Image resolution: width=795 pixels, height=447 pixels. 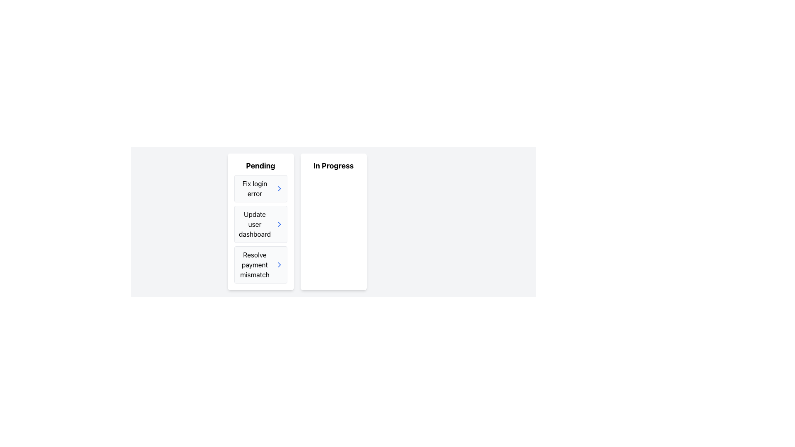 What do you see at coordinates (260, 229) in the screenshot?
I see `on the second item in the 'Pending' section of the task list` at bounding box center [260, 229].